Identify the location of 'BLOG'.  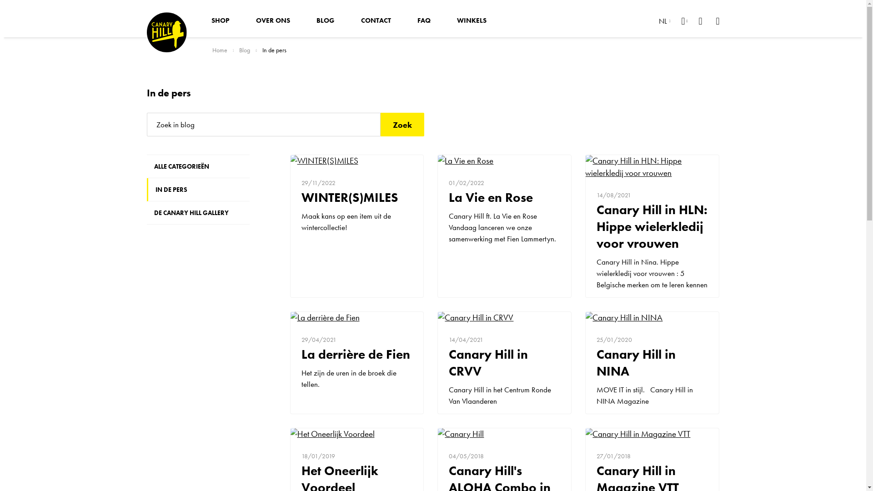
(325, 20).